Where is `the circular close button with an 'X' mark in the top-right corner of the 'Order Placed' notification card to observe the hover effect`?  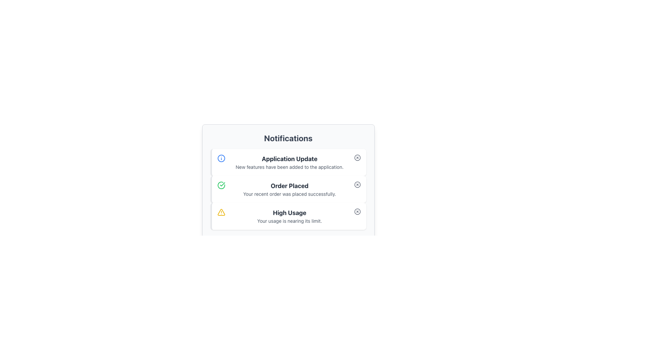
the circular close button with an 'X' mark in the top-right corner of the 'Order Placed' notification card to observe the hover effect is located at coordinates (357, 184).